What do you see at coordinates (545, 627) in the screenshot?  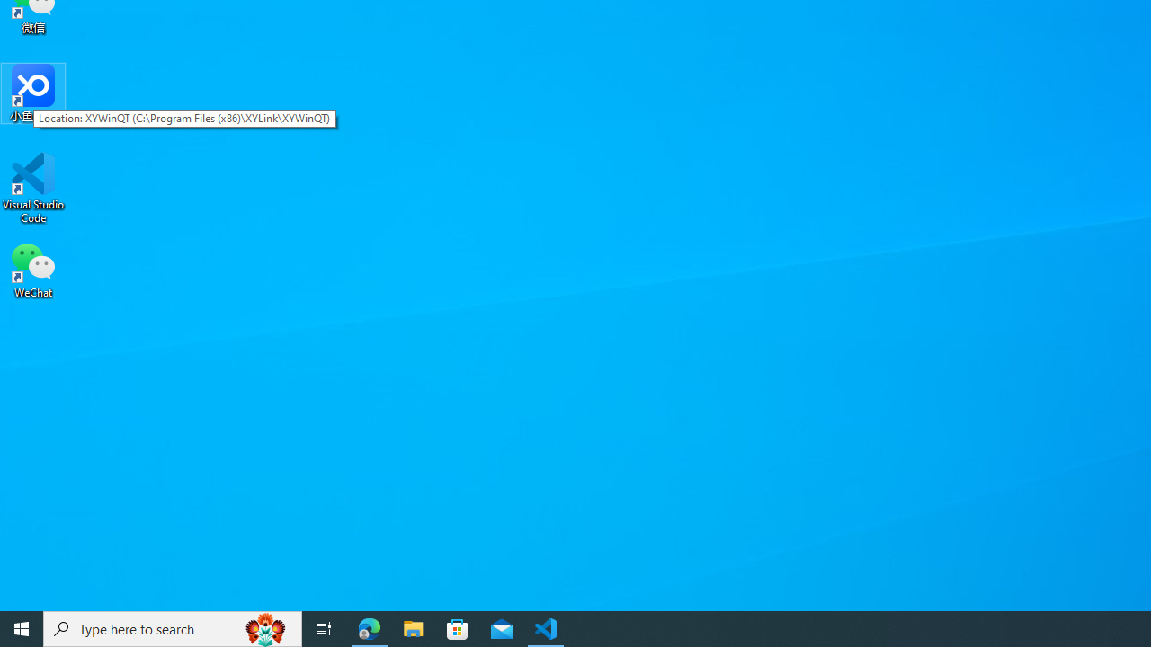 I see `'Visual Studio Code - 1 running window'` at bounding box center [545, 627].